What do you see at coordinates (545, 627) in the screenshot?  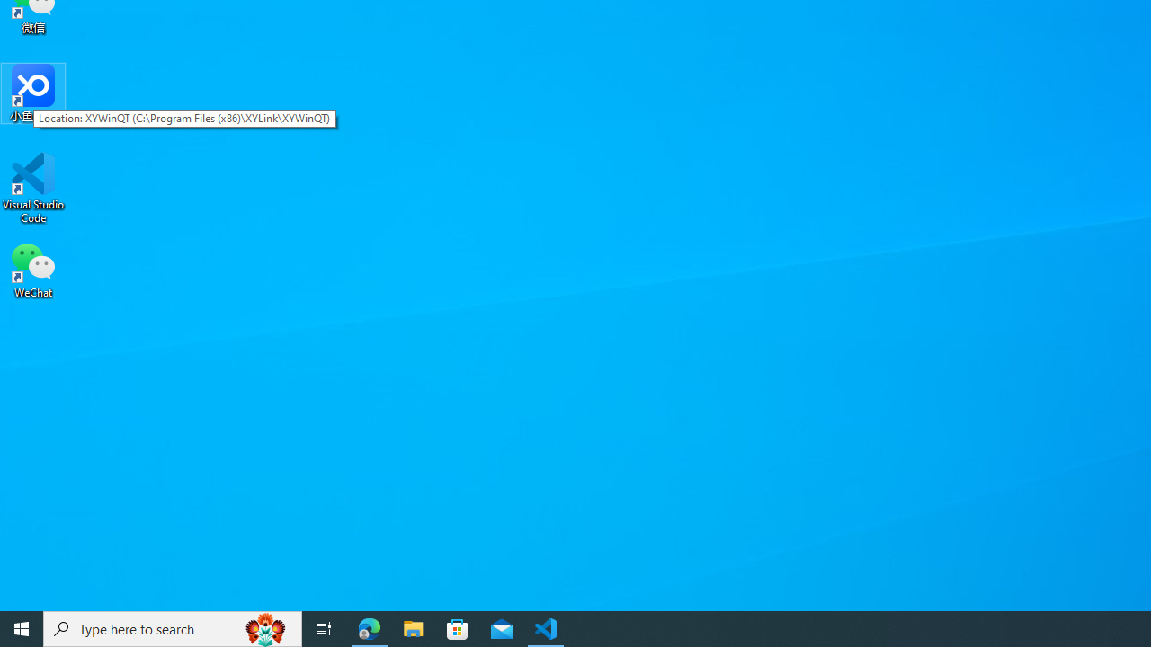 I see `'Visual Studio Code - 1 running window'` at bounding box center [545, 627].